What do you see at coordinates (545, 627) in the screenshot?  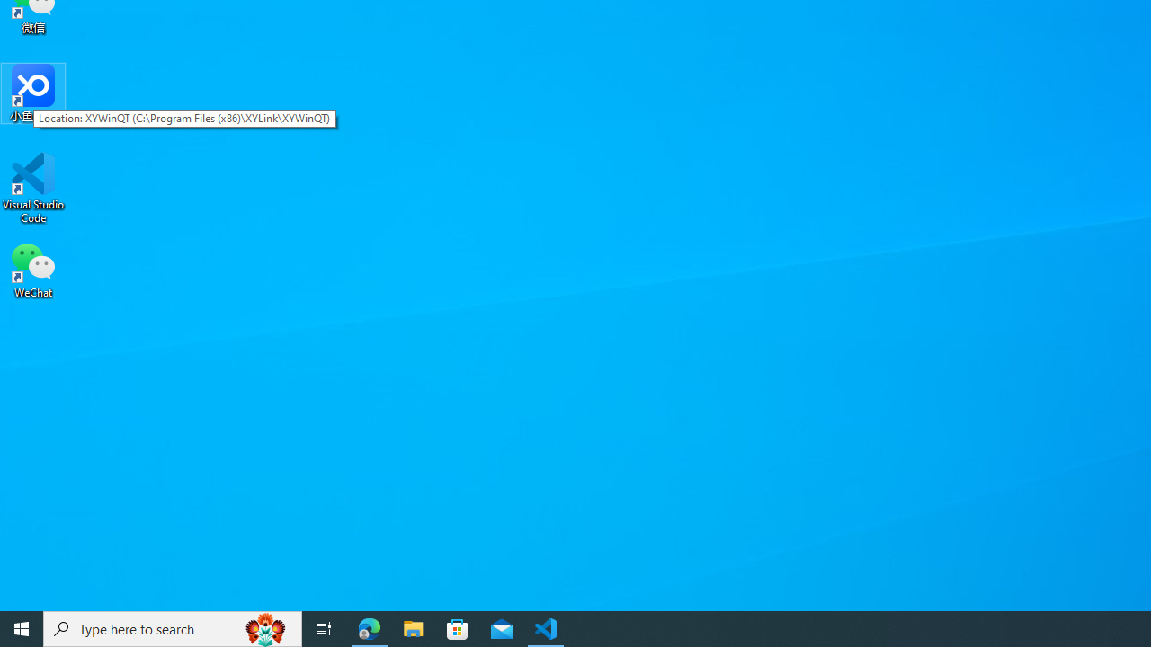 I see `'Visual Studio Code - 1 running window'` at bounding box center [545, 627].